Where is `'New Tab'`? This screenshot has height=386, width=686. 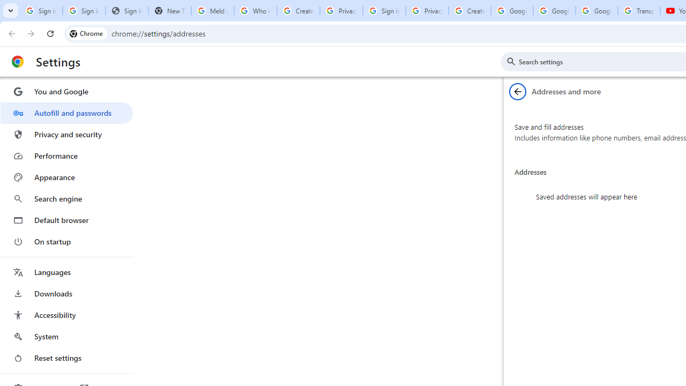 'New Tab' is located at coordinates (169, 11).